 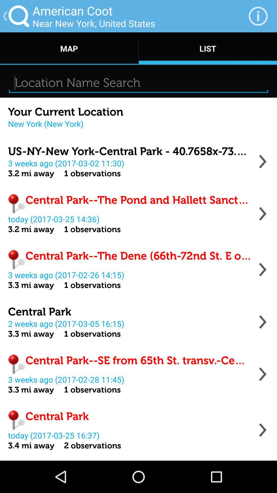 What do you see at coordinates (263, 214) in the screenshot?
I see `the second arrow head option` at bounding box center [263, 214].